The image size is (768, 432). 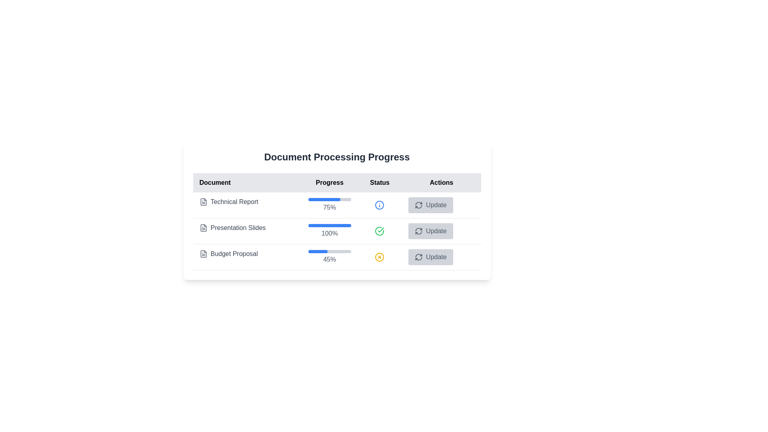 I want to click on the text display showing '100%' below the progress bar in the 'Presentation Slides' row of the table under the 'Progress' column, so click(x=330, y=231).